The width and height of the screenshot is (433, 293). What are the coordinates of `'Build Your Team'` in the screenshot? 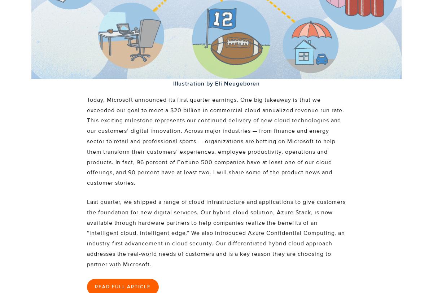 It's located at (52, 68).